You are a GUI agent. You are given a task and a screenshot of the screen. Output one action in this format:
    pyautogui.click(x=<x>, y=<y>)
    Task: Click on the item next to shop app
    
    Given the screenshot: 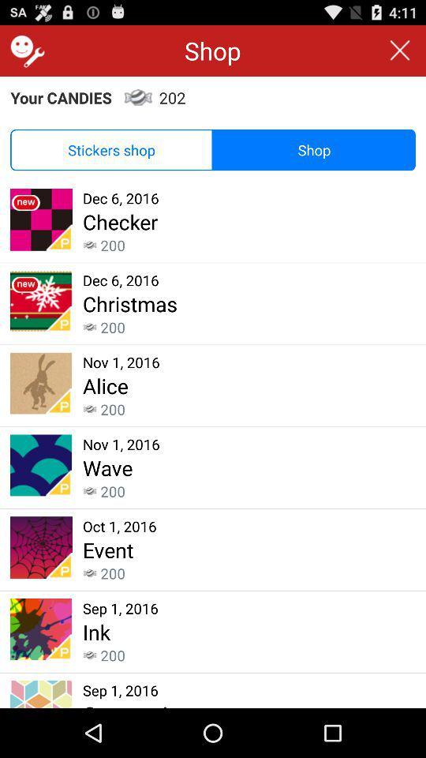 What is the action you would take?
    pyautogui.click(x=24, y=51)
    